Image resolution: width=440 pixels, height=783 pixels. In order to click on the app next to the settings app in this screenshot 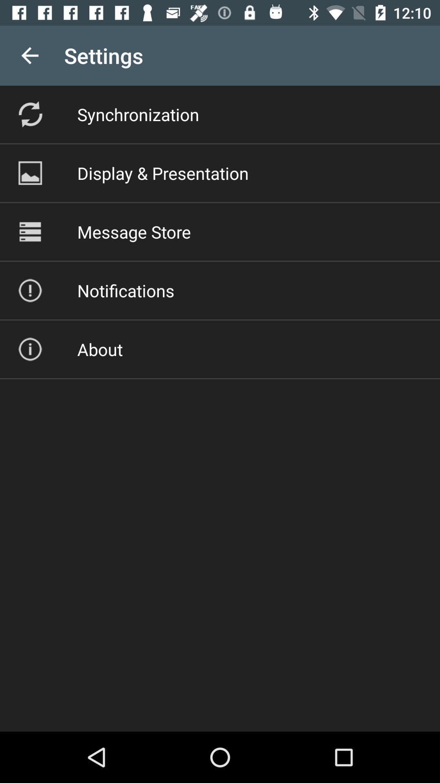, I will do `click(29, 55)`.